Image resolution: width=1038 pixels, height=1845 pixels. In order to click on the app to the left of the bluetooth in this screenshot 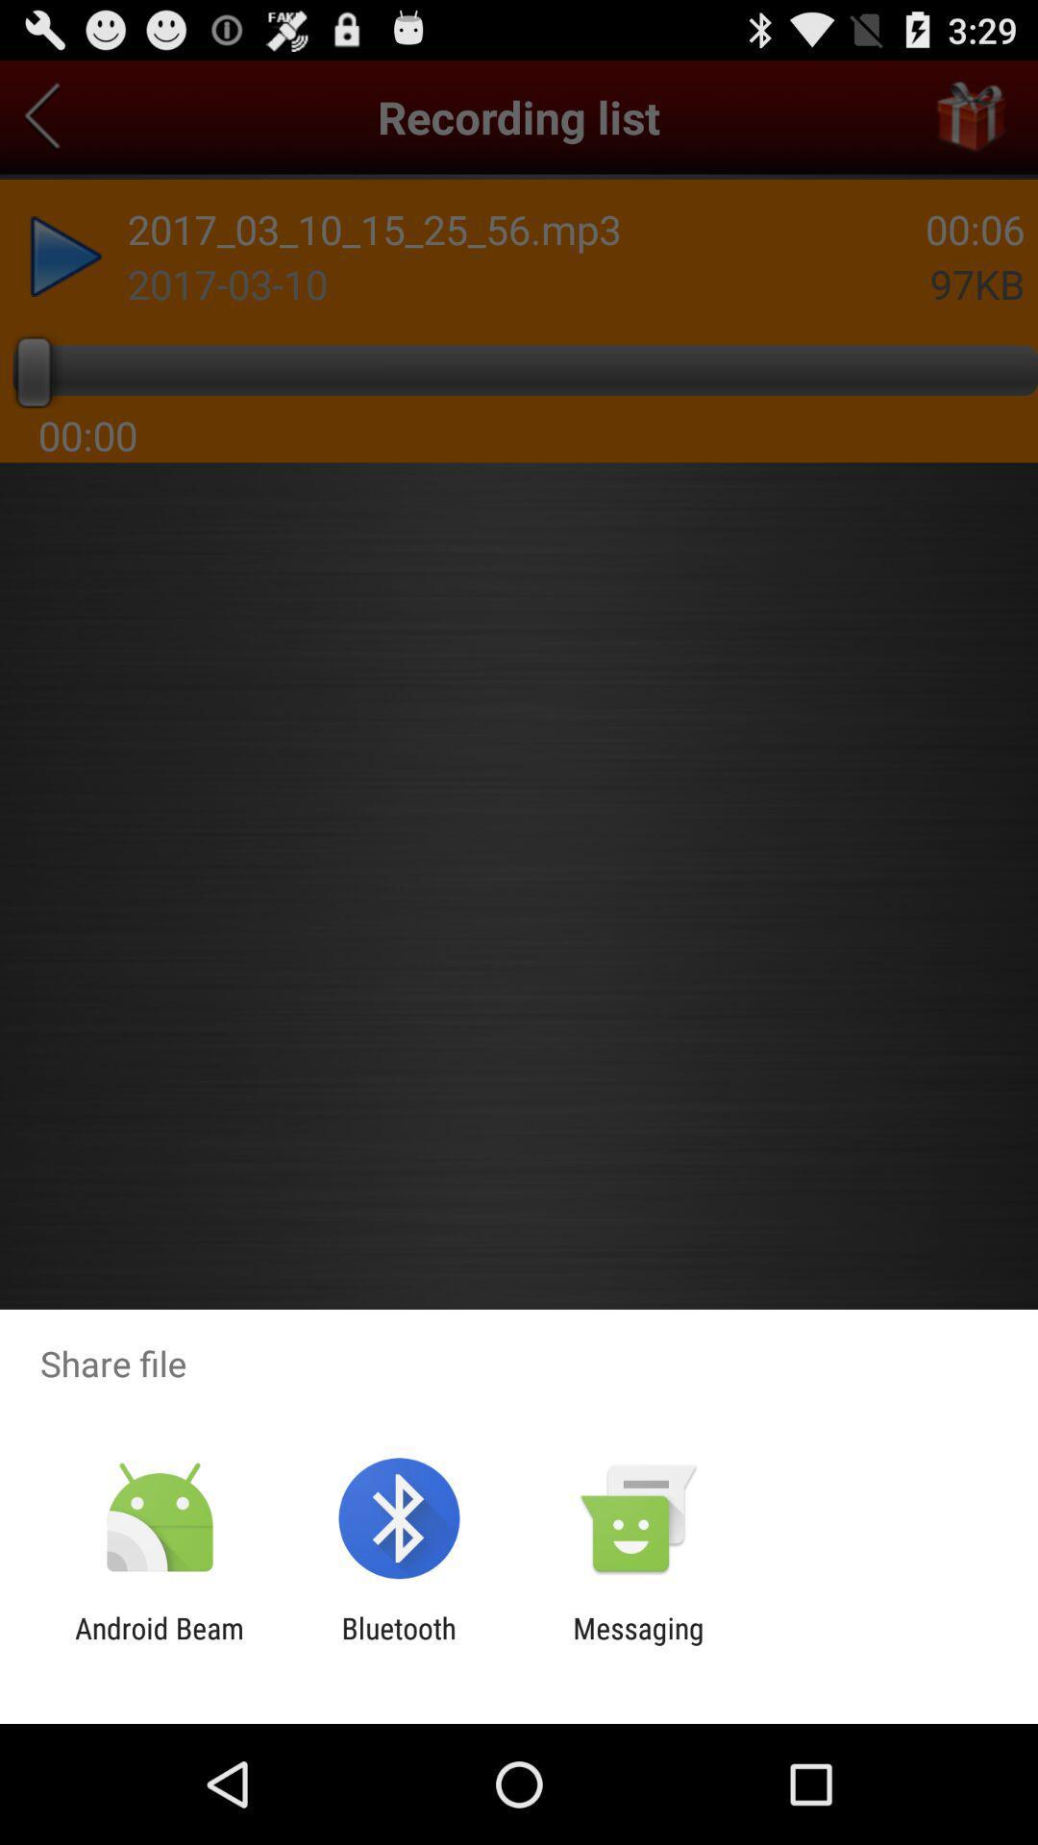, I will do `click(159, 1644)`.